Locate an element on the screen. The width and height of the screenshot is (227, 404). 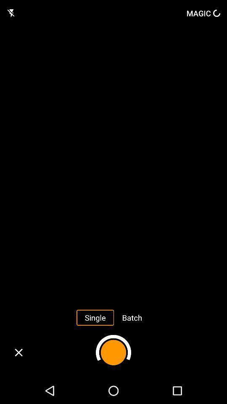
item at the top left corner is located at coordinates (11, 13).